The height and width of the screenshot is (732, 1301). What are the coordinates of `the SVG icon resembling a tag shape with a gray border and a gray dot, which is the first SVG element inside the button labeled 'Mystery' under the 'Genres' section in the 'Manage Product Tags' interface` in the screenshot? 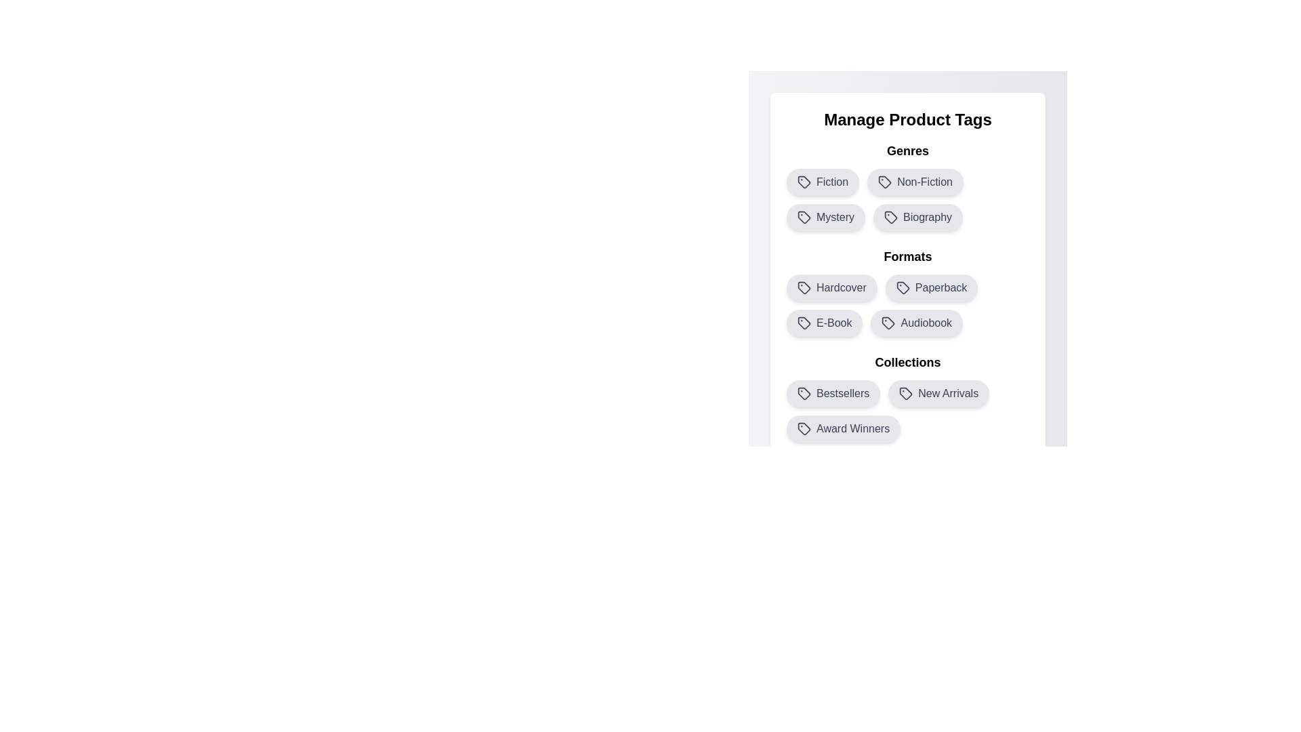 It's located at (804, 216).